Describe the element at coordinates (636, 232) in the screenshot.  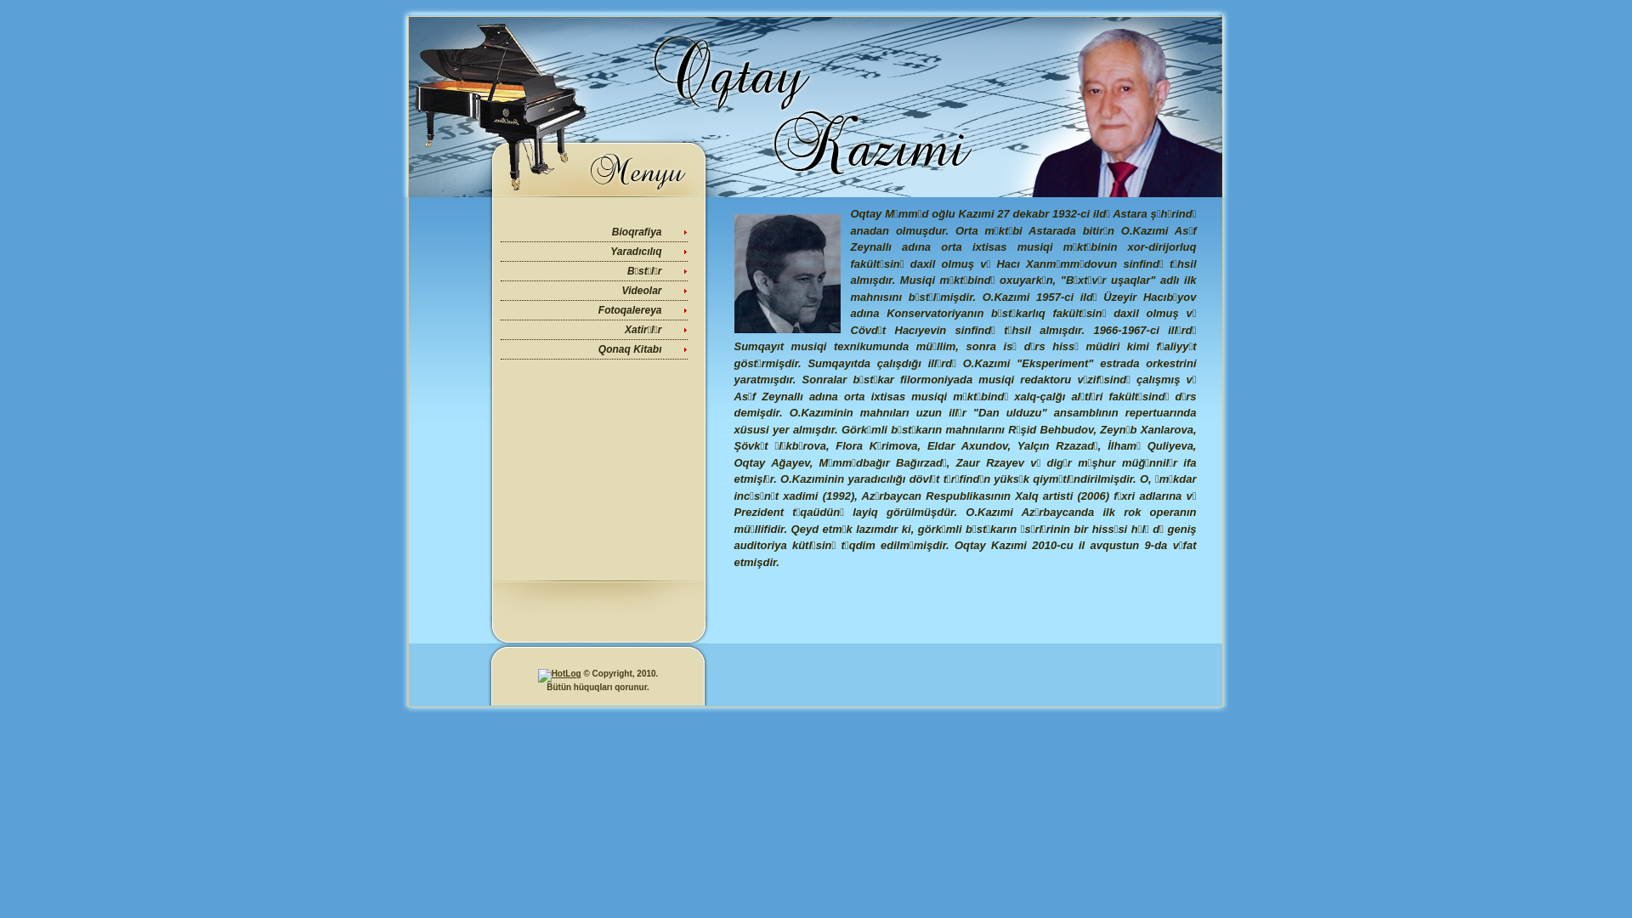
I see `'Bioqrafiya'` at that location.